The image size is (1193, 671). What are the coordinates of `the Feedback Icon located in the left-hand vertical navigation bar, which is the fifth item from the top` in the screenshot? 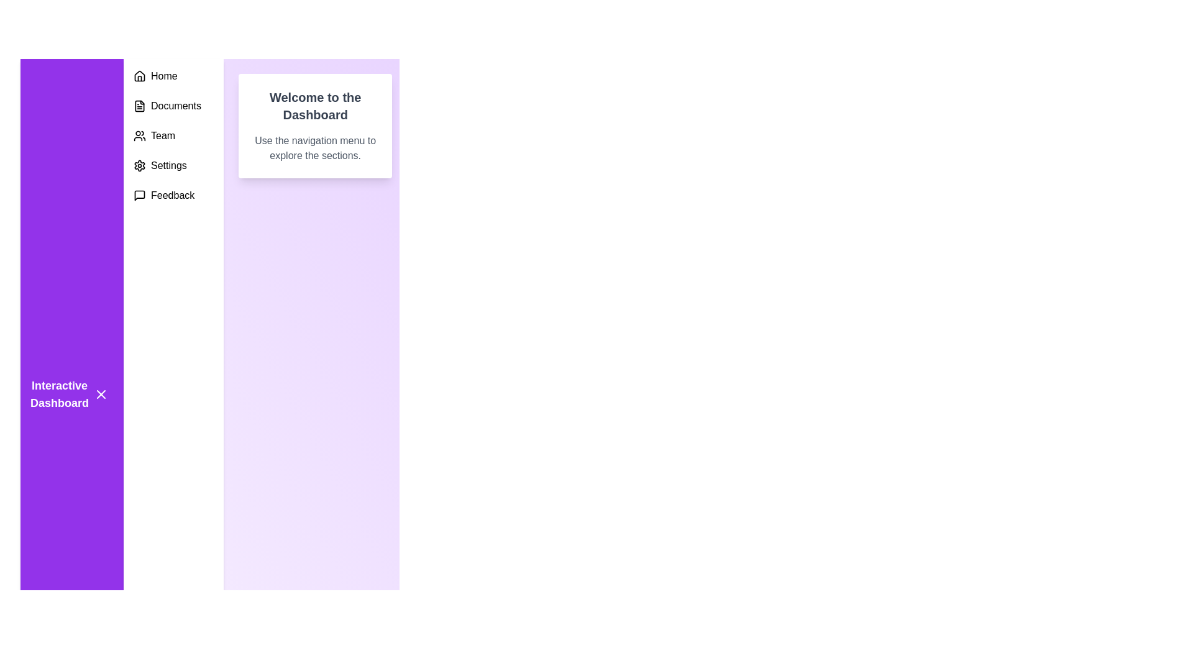 It's located at (140, 196).